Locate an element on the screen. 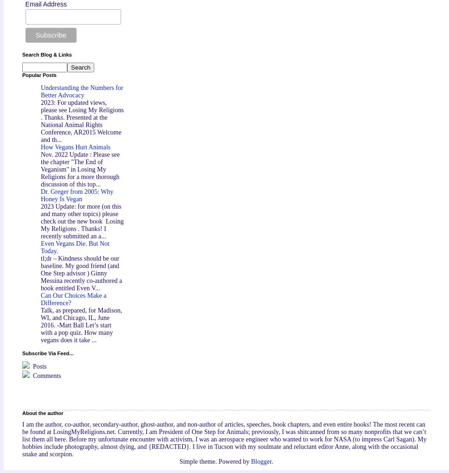  'Simple theme. Powered by' is located at coordinates (214, 461).